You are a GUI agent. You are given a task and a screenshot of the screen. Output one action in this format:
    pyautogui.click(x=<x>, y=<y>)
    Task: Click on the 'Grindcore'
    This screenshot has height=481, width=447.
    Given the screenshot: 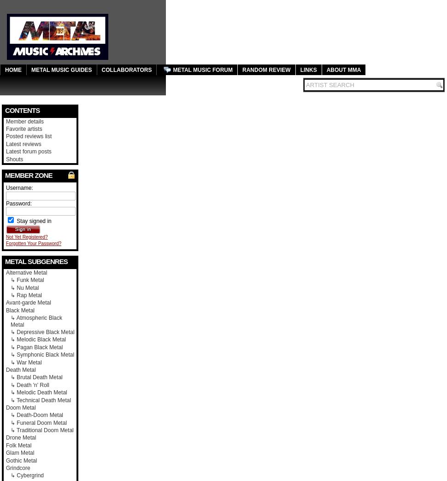 What is the action you would take?
    pyautogui.click(x=18, y=468)
    